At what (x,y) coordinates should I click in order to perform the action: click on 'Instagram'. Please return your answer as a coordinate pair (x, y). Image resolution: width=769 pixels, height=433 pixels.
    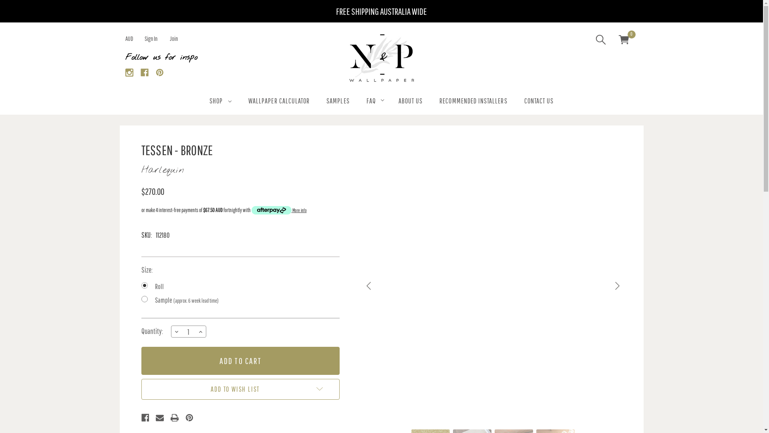
    Looking at the image, I should click on (129, 72).